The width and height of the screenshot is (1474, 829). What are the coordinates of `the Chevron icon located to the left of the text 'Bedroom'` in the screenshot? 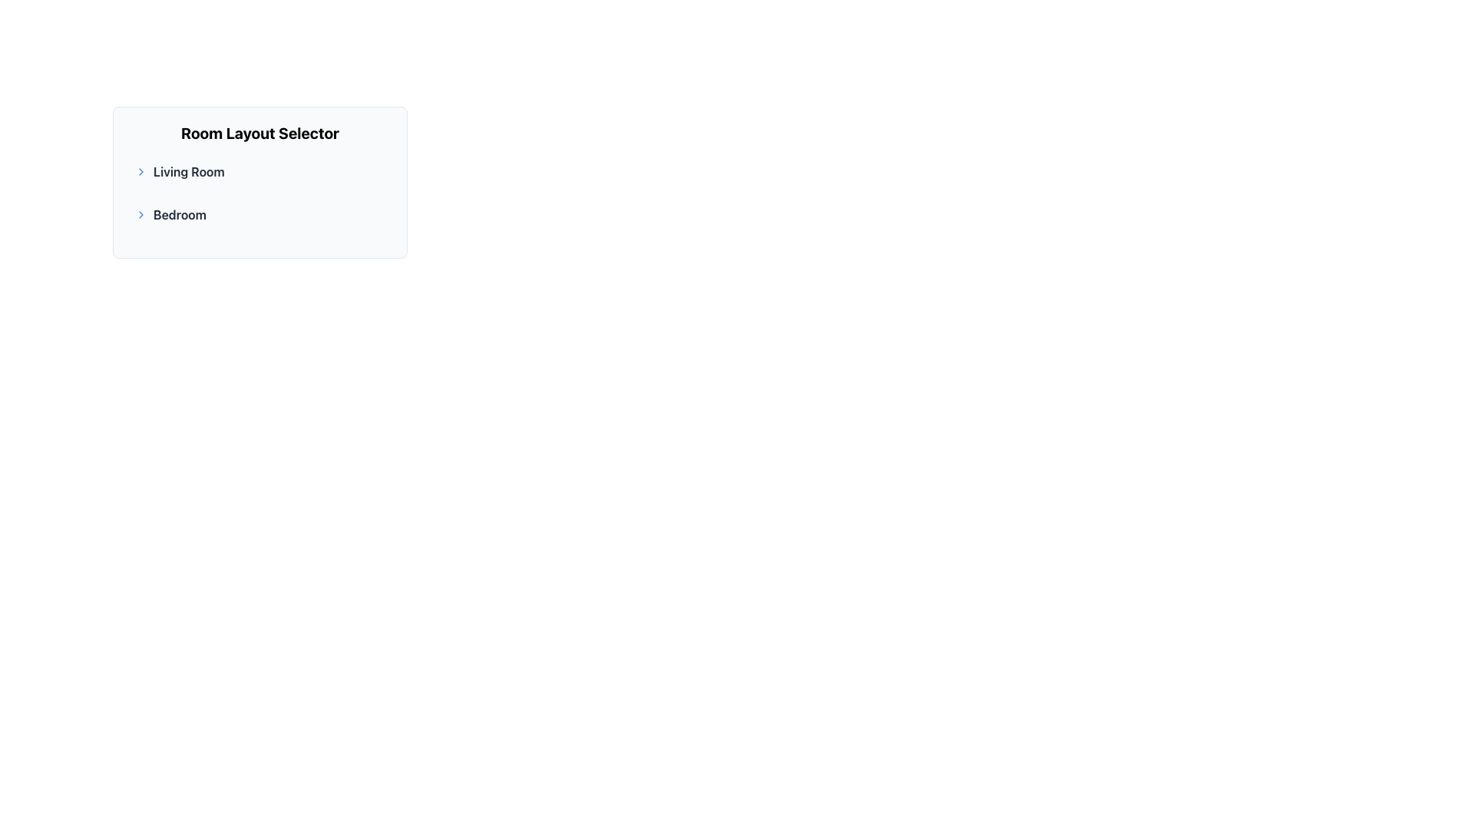 It's located at (140, 215).